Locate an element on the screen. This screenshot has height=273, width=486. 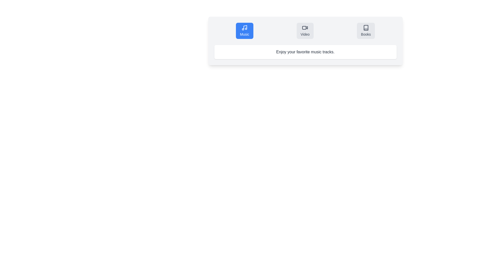
the second button in the horizontal layout that directs the user to video-related features, positioned between the 'Music' button and the 'Books' button is located at coordinates (305, 31).